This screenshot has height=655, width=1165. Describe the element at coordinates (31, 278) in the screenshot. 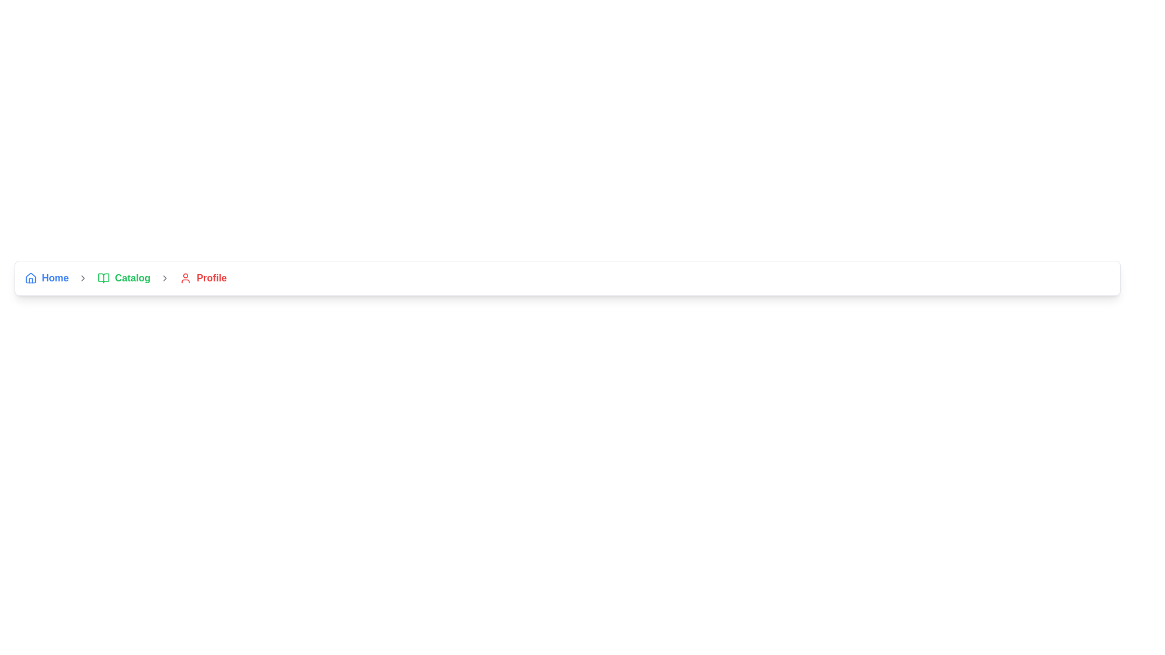

I see `the 'Home' icon located at the first position in the navigation bar` at that location.